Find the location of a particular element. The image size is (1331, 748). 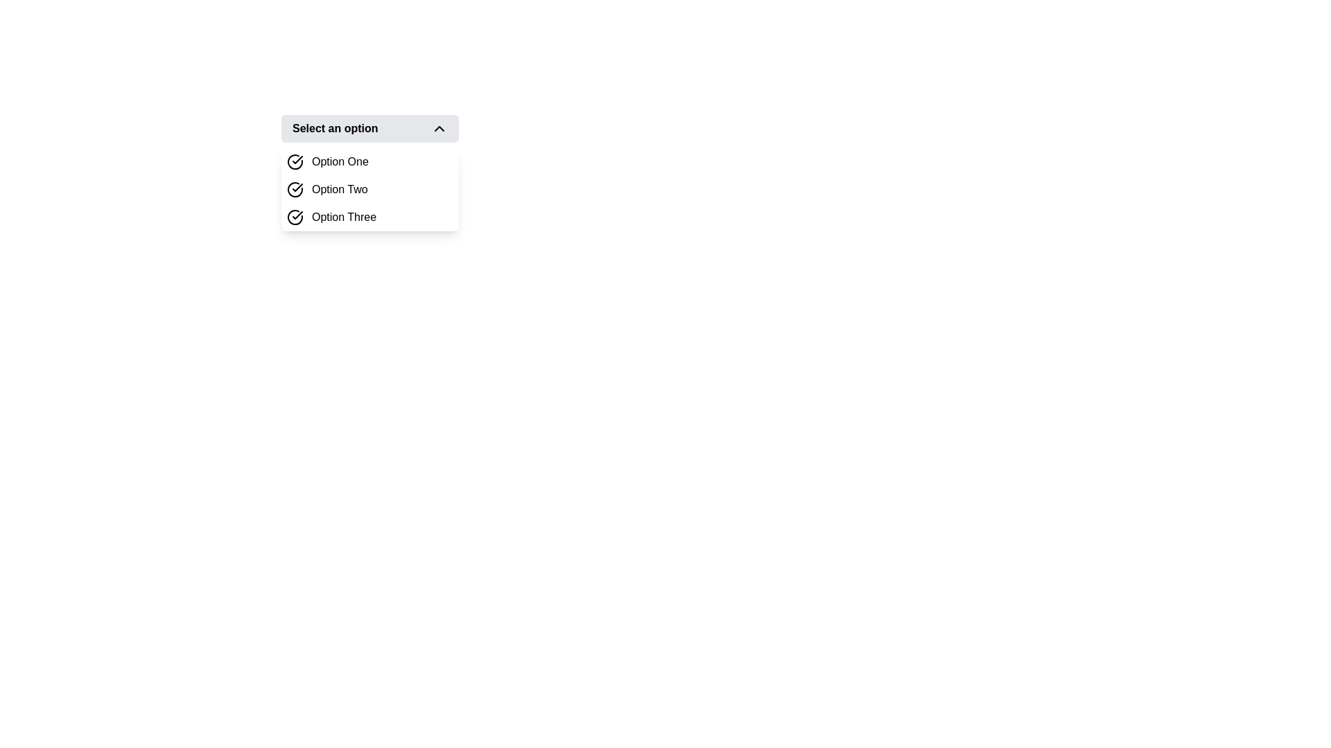

the checkmark icon indicating a selected state next to 'Option Two' in the dropdown menu is located at coordinates (297, 187).